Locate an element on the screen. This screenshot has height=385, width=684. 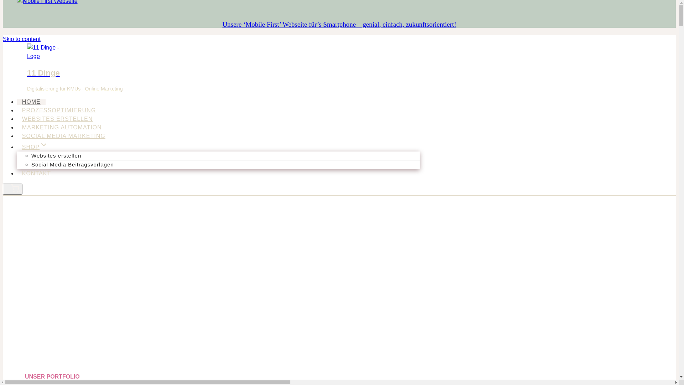
'KONTAKT' is located at coordinates (36, 173).